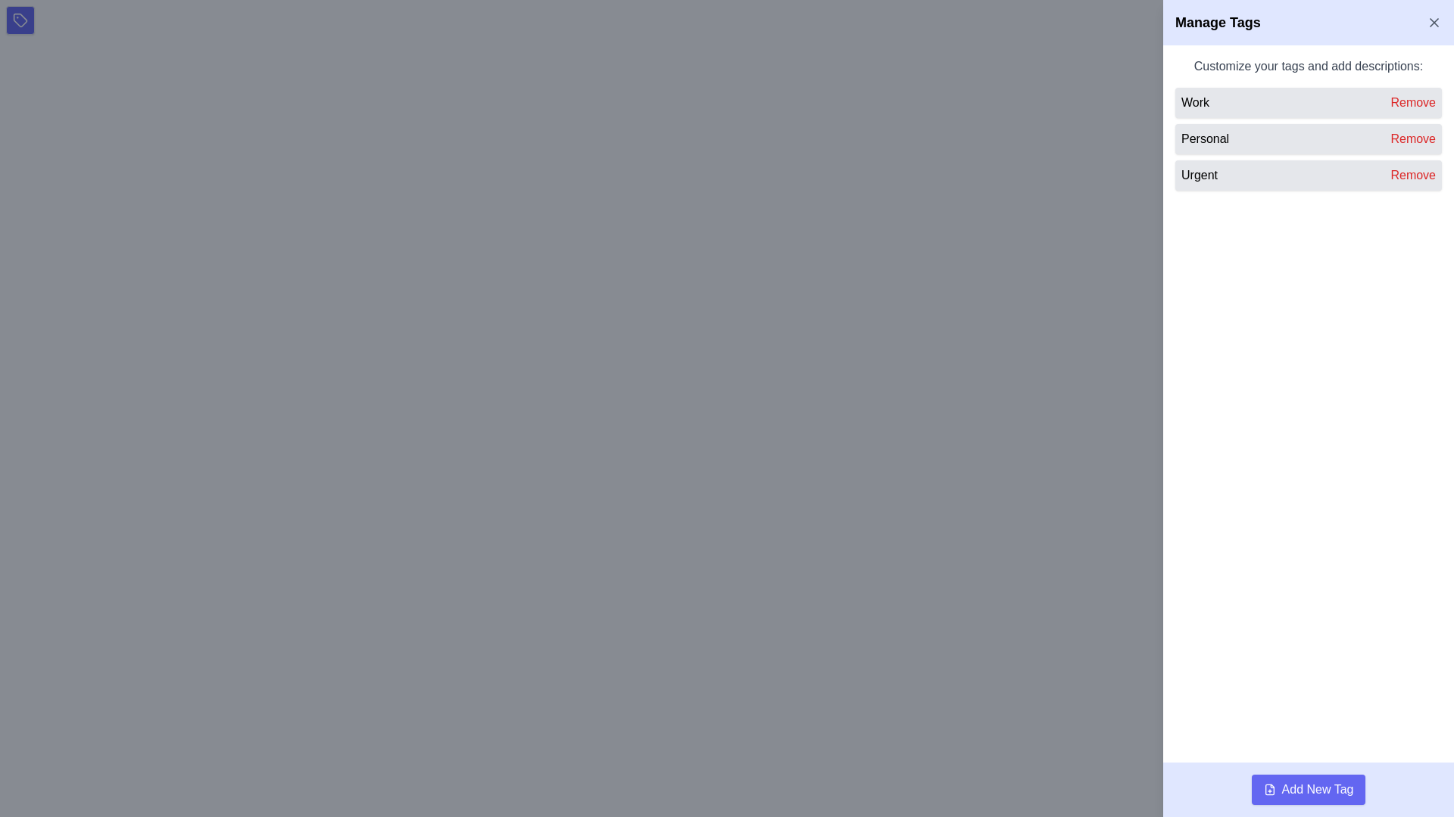 The height and width of the screenshot is (817, 1454). I want to click on the text label that says 'Customize your tags and add descriptions:' which is styled in gray font and located at the top of the tag management section, so click(1308, 66).